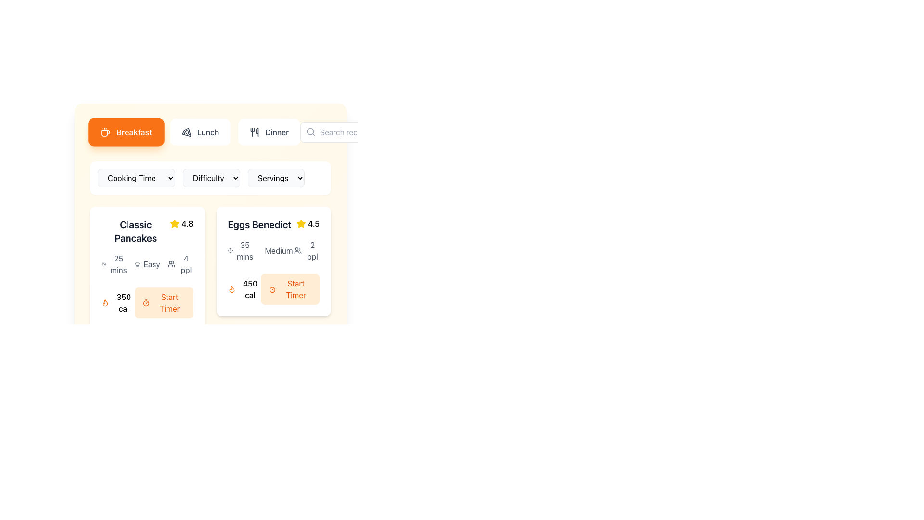 This screenshot has height=520, width=924. I want to click on the yellow star icon indicating a rating next to the score '4.5' in the 'Eggs Benedict' card, so click(301, 224).